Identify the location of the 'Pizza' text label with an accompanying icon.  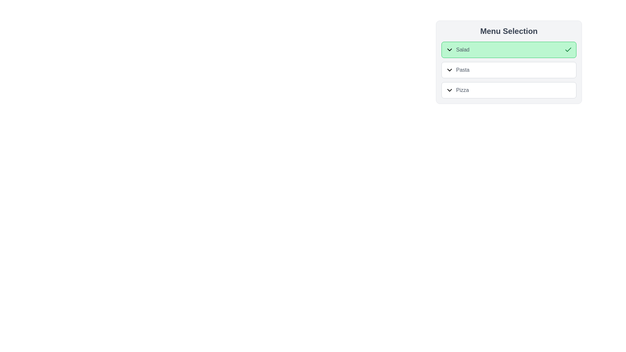
(457, 90).